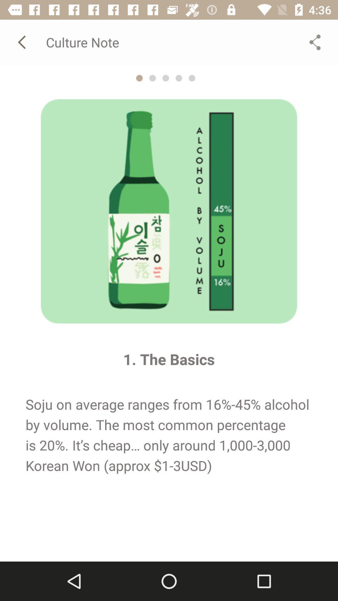  What do you see at coordinates (315, 42) in the screenshot?
I see `the share icon` at bounding box center [315, 42].